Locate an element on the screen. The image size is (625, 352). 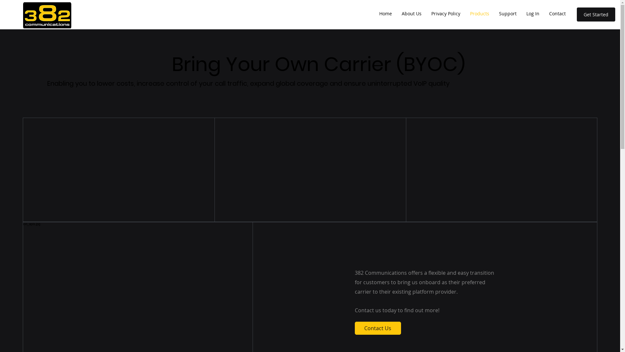
'About Us' is located at coordinates (411, 14).